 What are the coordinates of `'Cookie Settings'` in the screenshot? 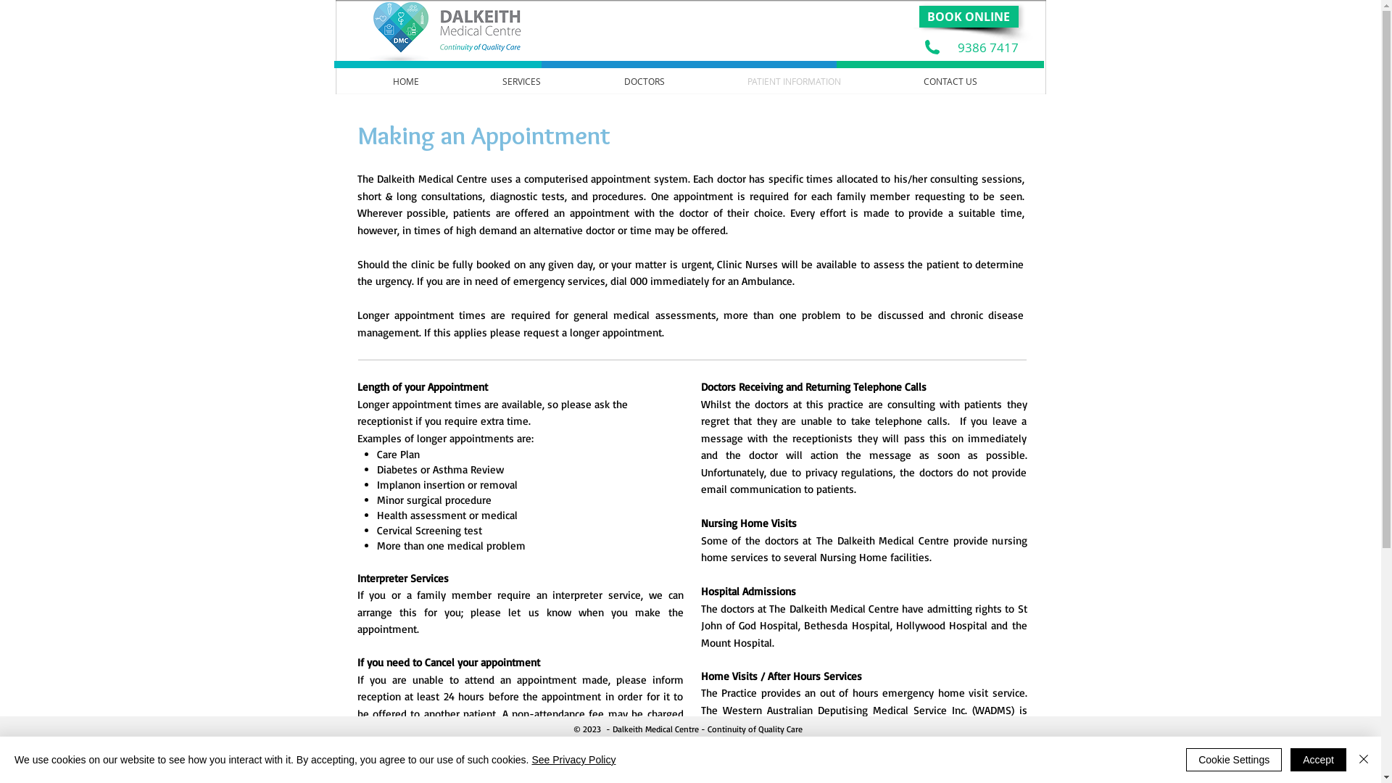 It's located at (1233, 759).